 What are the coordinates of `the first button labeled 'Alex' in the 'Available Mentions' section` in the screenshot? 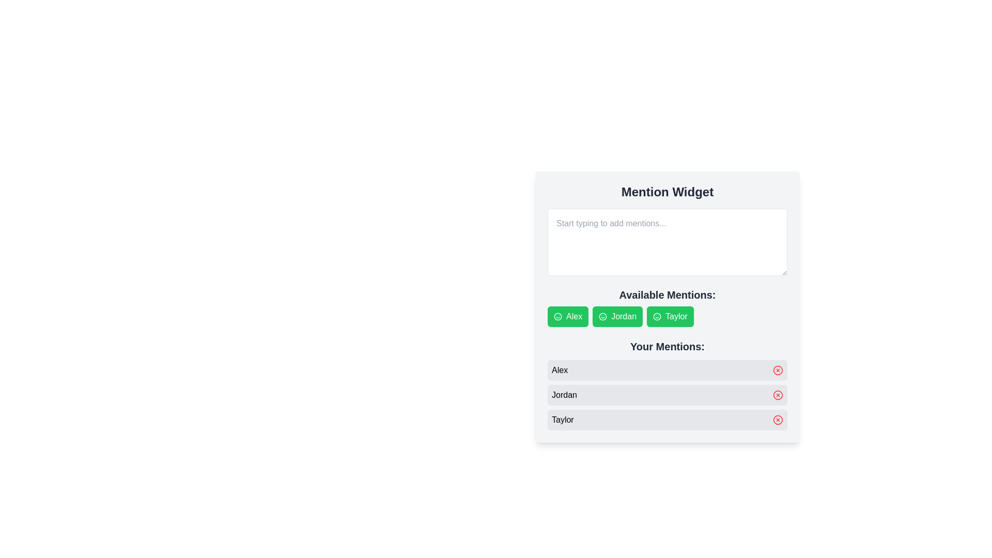 It's located at (567, 316).